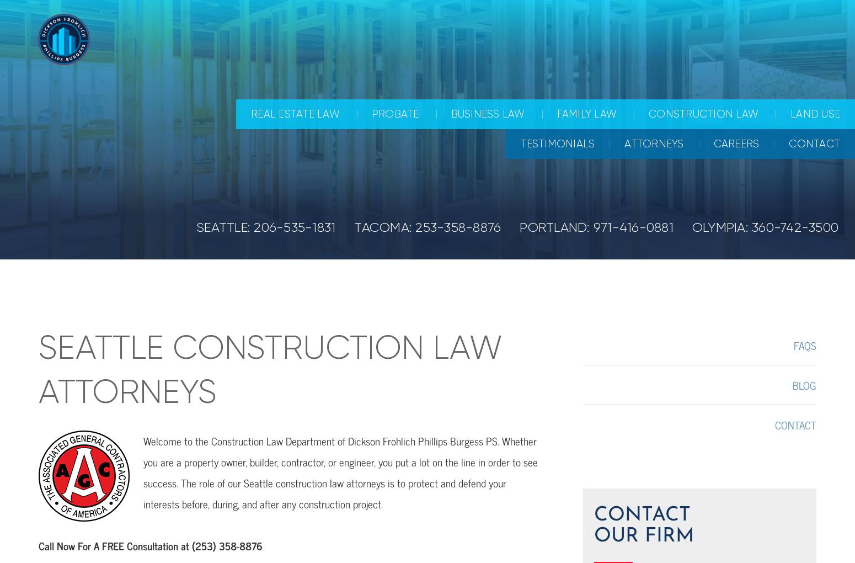 Image resolution: width=855 pixels, height=563 pixels. What do you see at coordinates (340, 471) in the screenshot?
I see `'Welcome to the Construction Law Department of Dickson Frohlich Phillips Burgess PS. Whether you are a property owner, builder, contractor, or engineer, you put a lot on the line in order to see success. The role of our Seattle construction law attorneys is to protect and defend your interests before, during, and after any construction project.'` at bounding box center [340, 471].